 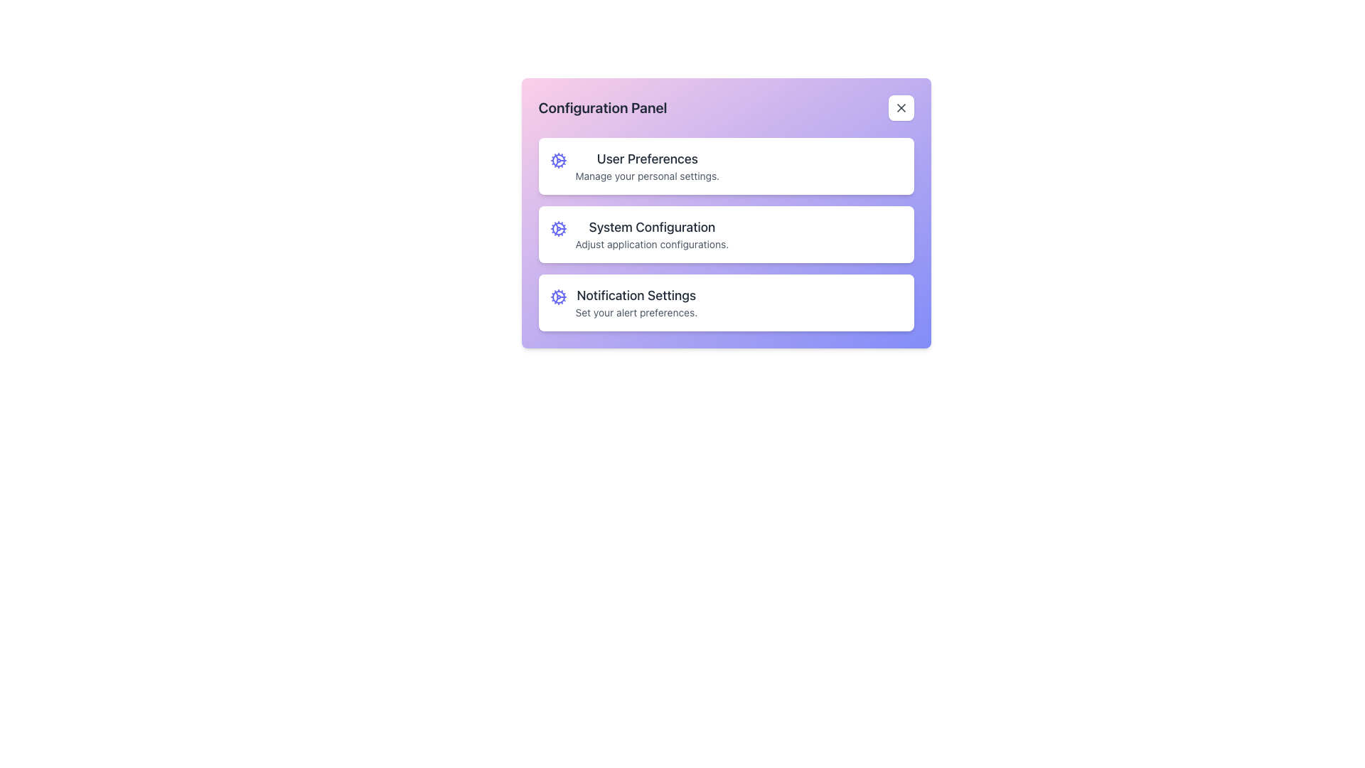 What do you see at coordinates (900, 107) in the screenshot?
I see `the Close or cancel icon, represented by an 'X' in the top-right corner of the configuration panel, which is styled with thin lines and no fill color` at bounding box center [900, 107].